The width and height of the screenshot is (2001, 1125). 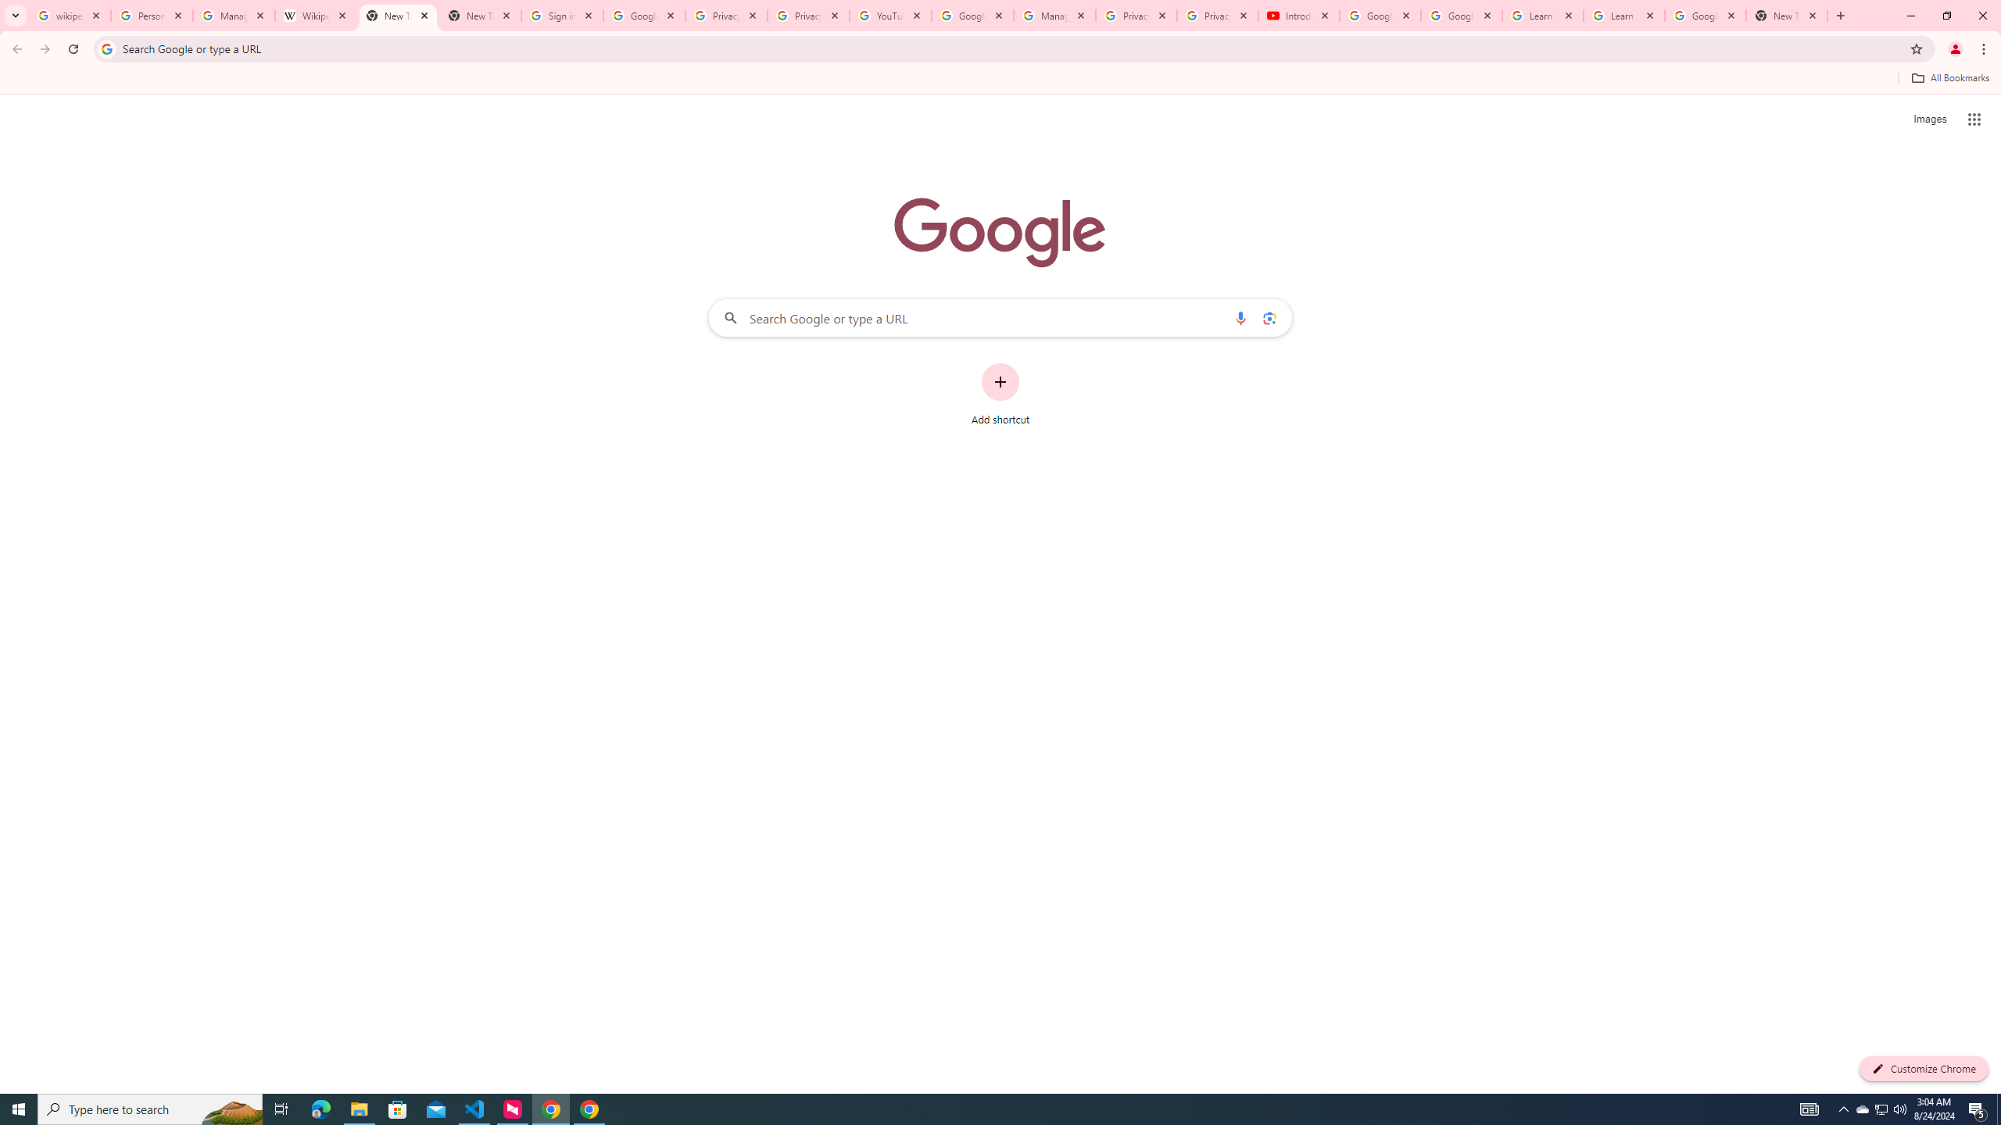 What do you see at coordinates (643, 15) in the screenshot?
I see `'Google Drive: Sign-in'` at bounding box center [643, 15].